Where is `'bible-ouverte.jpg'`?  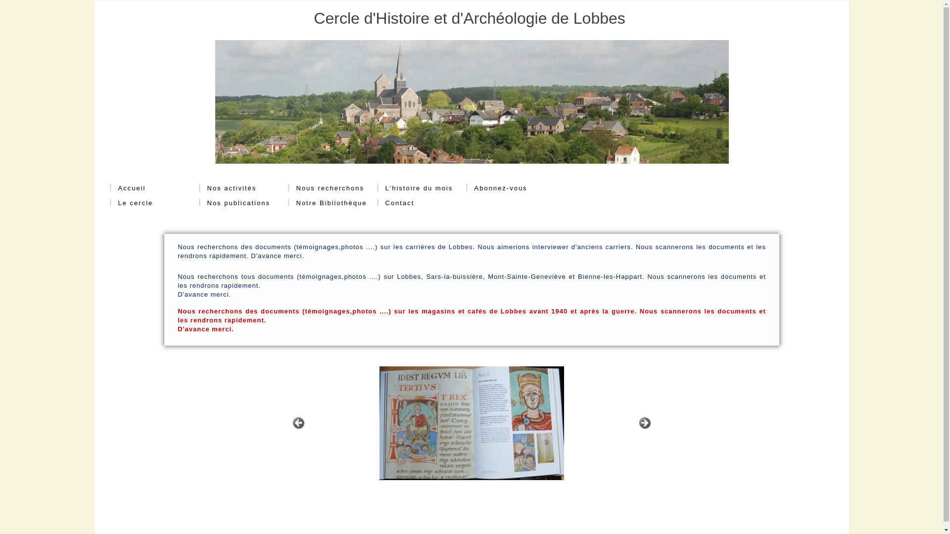
'bible-ouverte.jpg' is located at coordinates (471, 423).